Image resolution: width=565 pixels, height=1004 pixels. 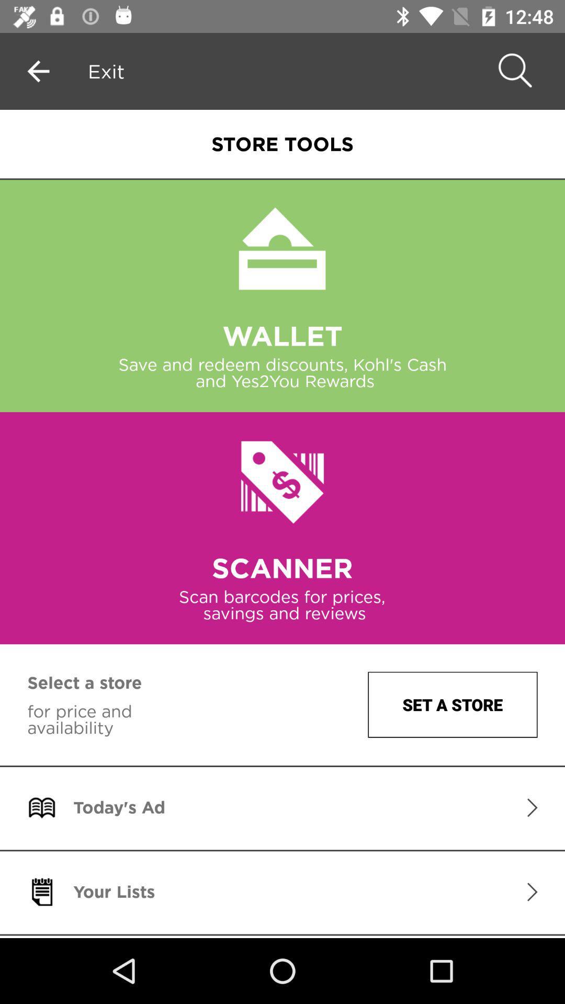 What do you see at coordinates (513, 71) in the screenshot?
I see `search` at bounding box center [513, 71].